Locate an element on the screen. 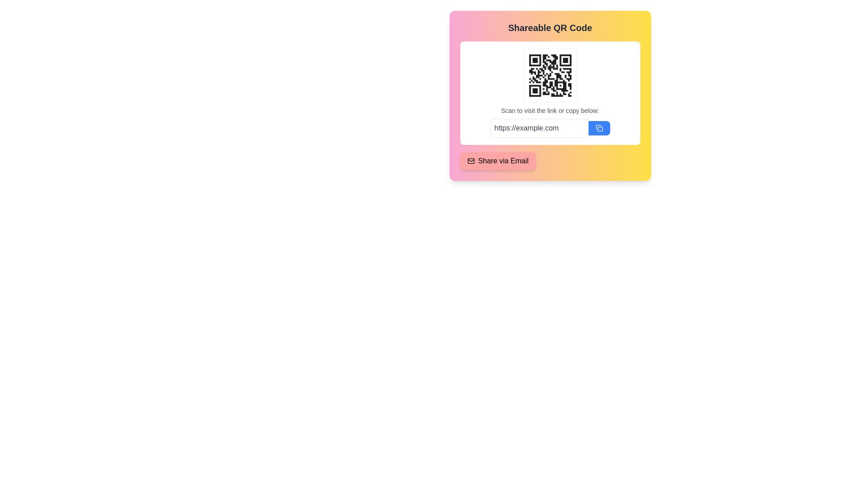 The image size is (864, 486). the blue button icon with a copy symbol located immediately to the right of the text input field is located at coordinates (599, 128).